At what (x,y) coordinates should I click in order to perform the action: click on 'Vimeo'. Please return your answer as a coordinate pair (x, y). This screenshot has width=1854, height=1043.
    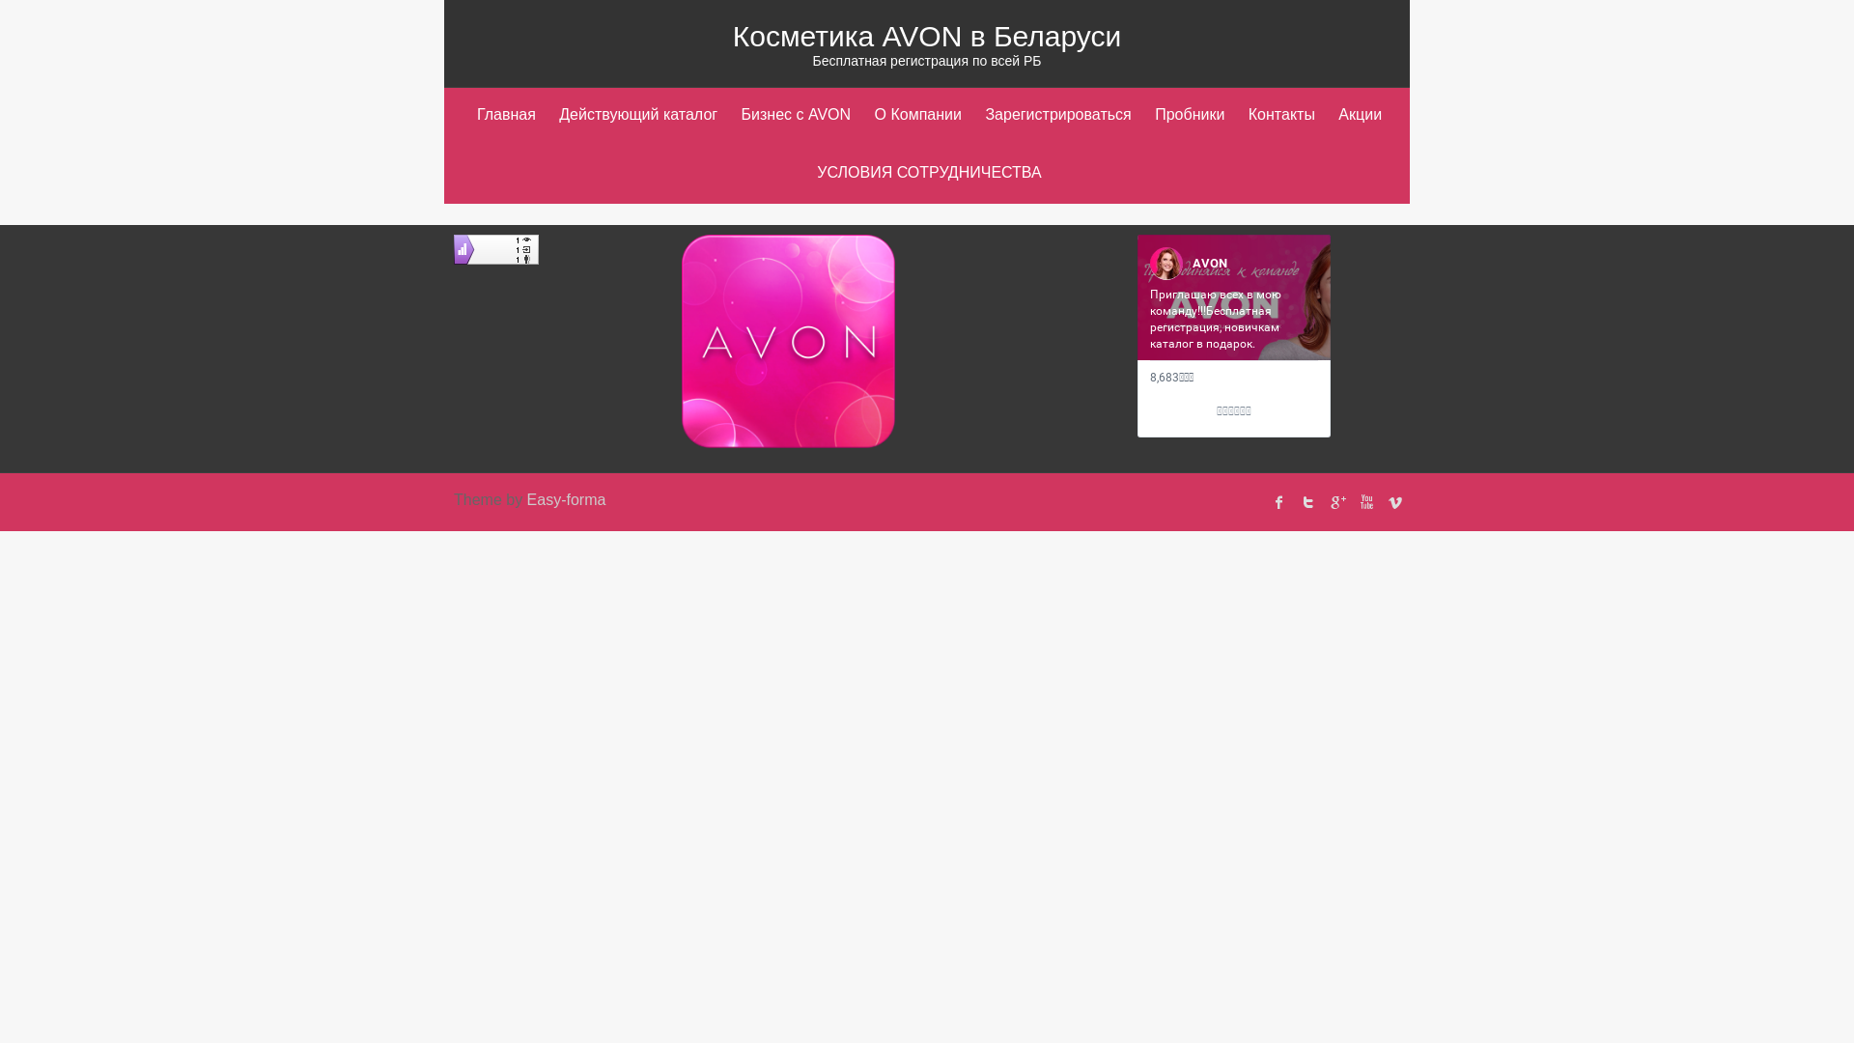
    Looking at the image, I should click on (1394, 501).